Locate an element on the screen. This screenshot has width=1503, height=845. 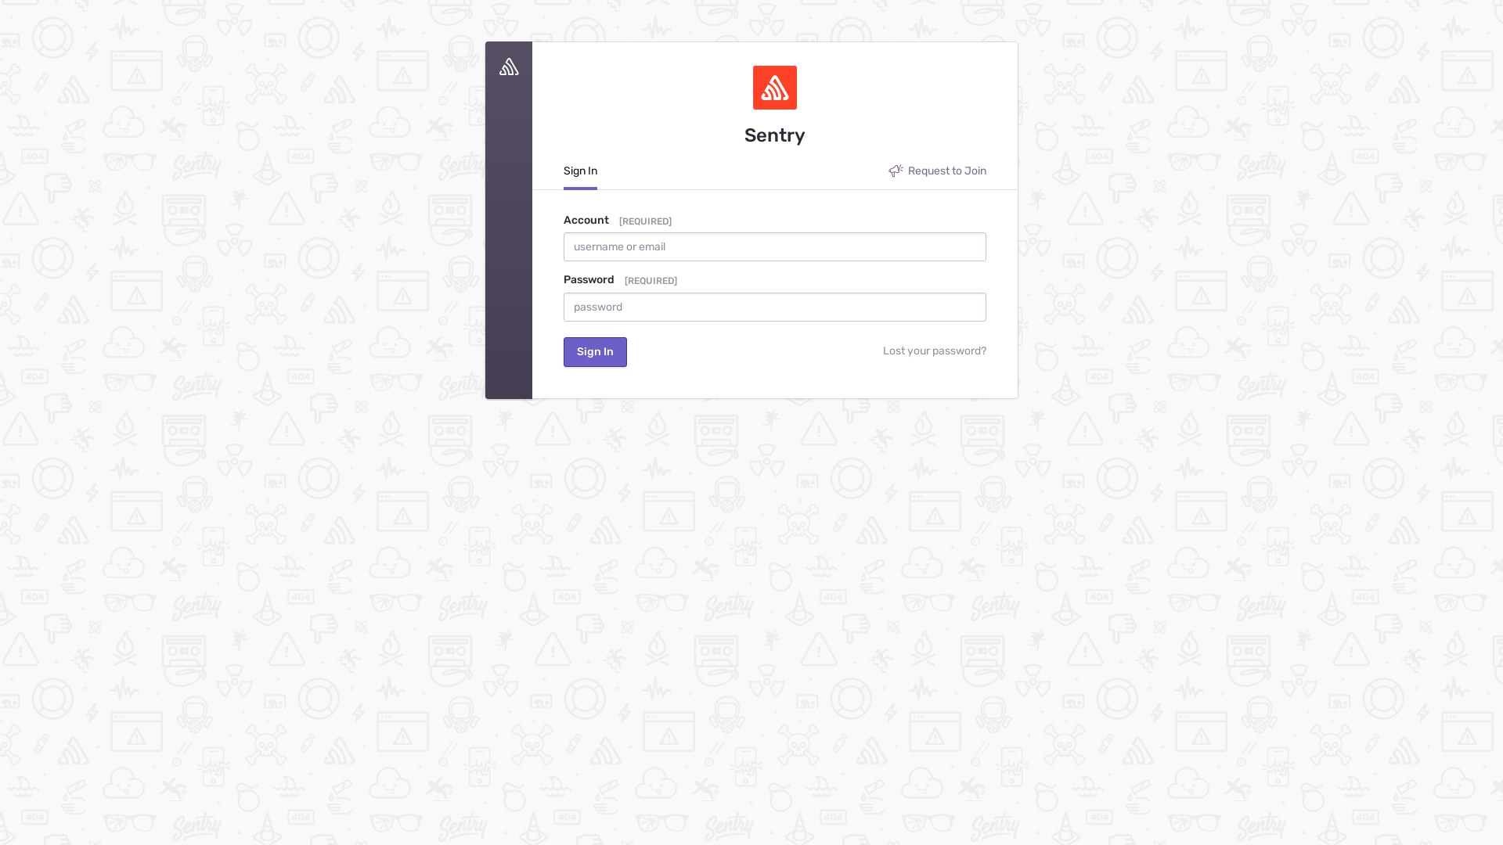
'Lost your password?' is located at coordinates (809, 352).